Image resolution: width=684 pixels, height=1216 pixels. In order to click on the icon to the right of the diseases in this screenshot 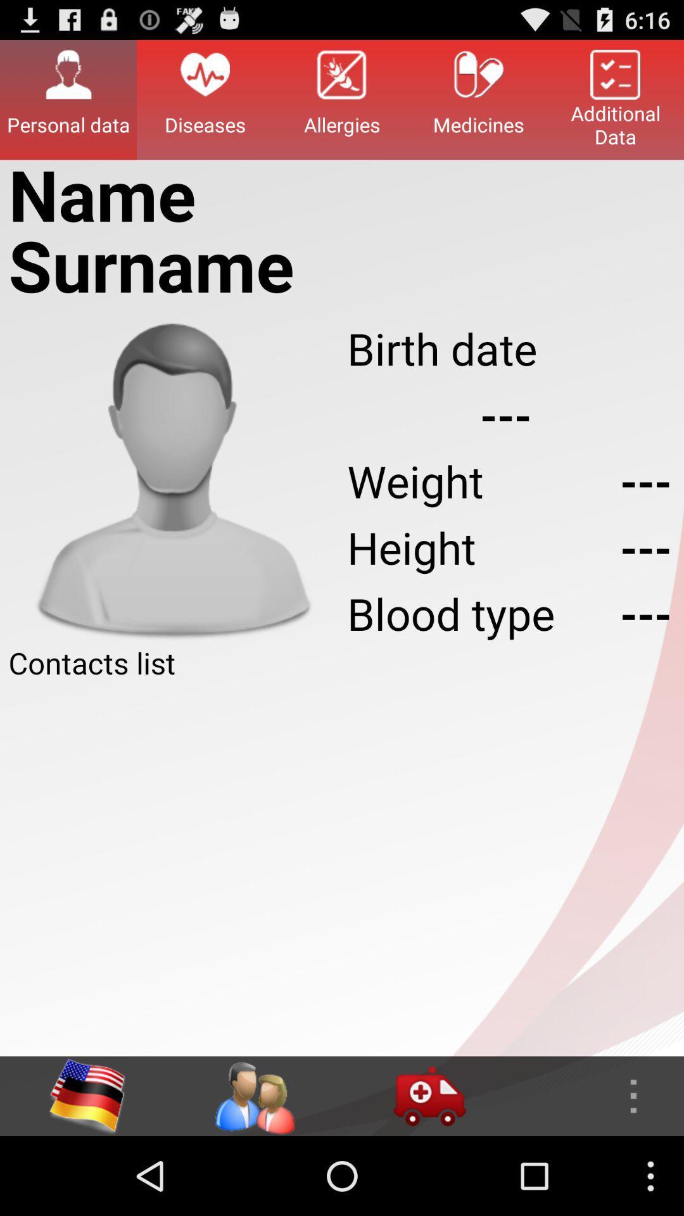, I will do `click(342, 99)`.